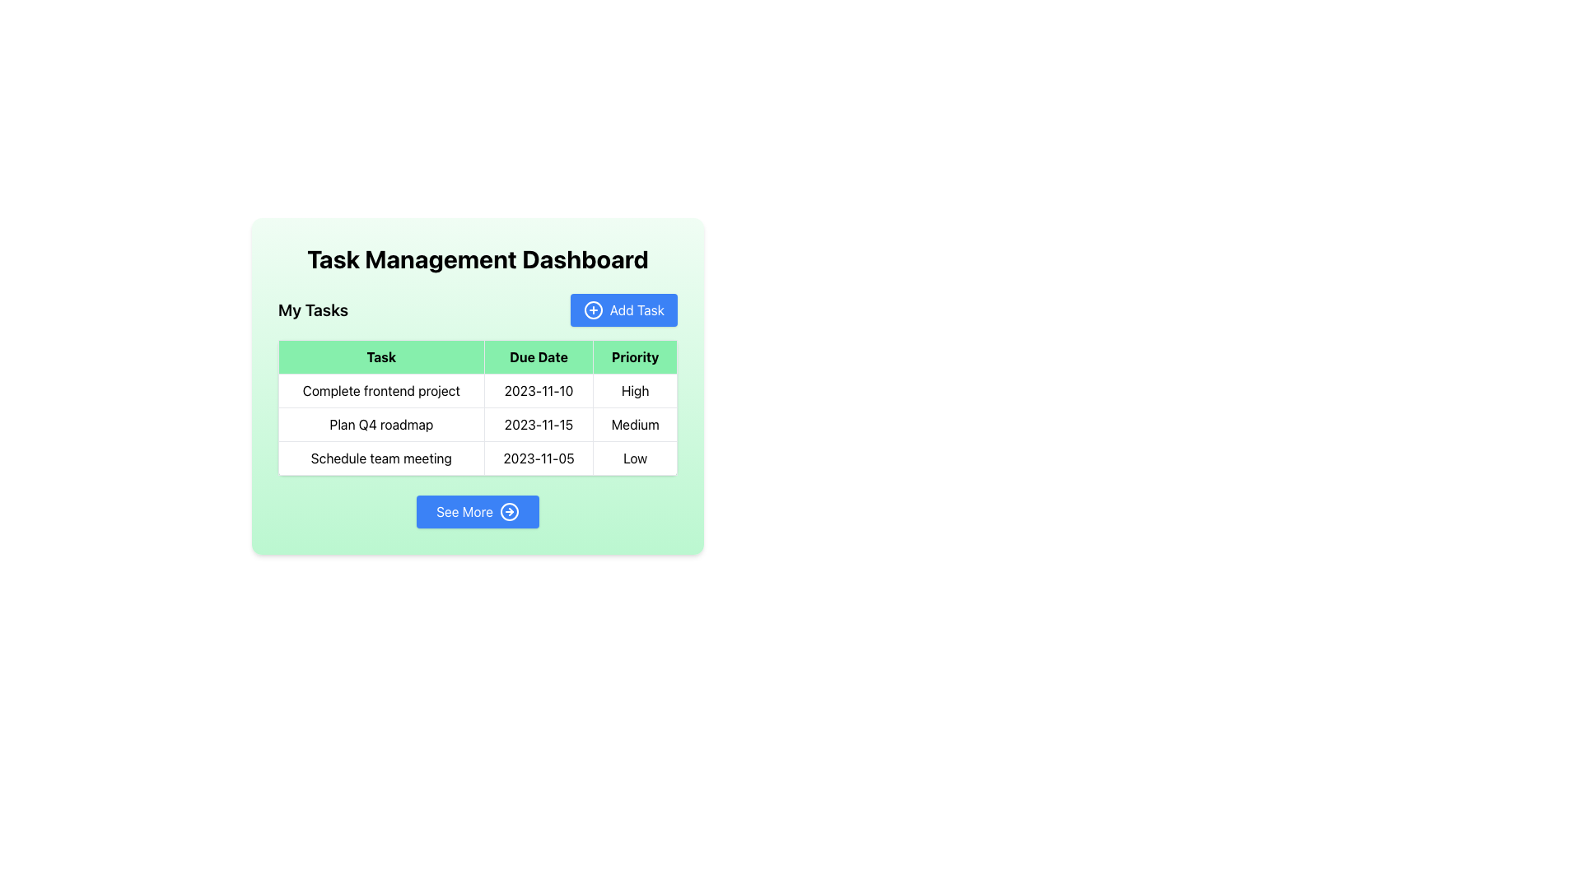  What do you see at coordinates (623, 310) in the screenshot?
I see `the button for adding a new task to change its background color` at bounding box center [623, 310].